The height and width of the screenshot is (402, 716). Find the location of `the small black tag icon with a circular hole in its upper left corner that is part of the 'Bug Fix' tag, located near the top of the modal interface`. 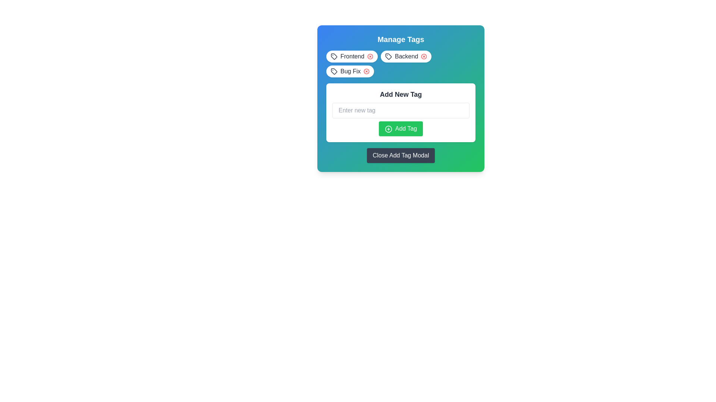

the small black tag icon with a circular hole in its upper left corner that is part of the 'Bug Fix' tag, located near the top of the modal interface is located at coordinates (334, 71).